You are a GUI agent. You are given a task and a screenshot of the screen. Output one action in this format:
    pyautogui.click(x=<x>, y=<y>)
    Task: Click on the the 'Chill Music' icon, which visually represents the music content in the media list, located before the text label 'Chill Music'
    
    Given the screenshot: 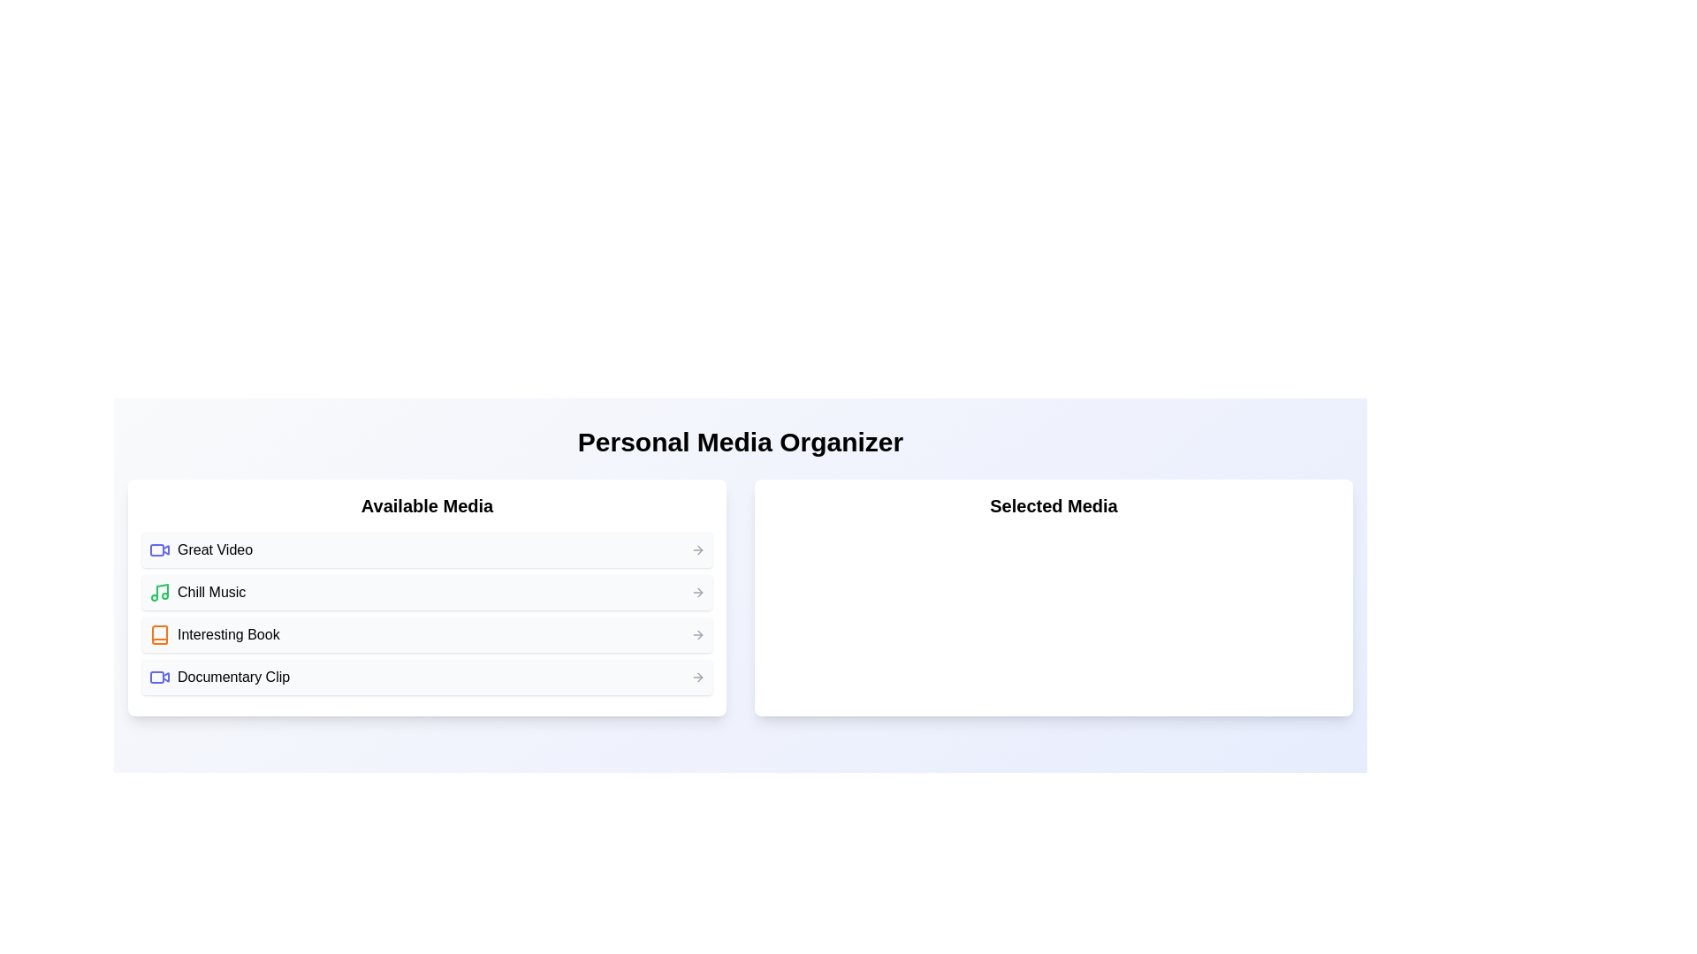 What is the action you would take?
    pyautogui.click(x=160, y=593)
    